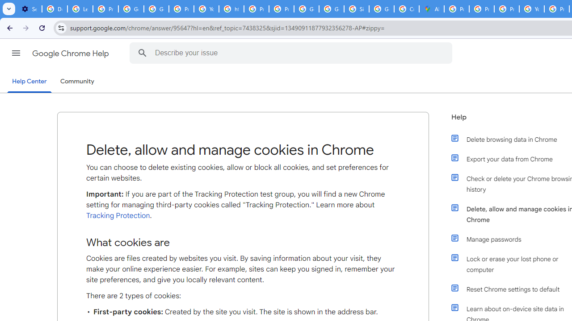 The height and width of the screenshot is (321, 572). I want to click on 'Policy Accountability and Transparency - Transparency Center', so click(457, 9).